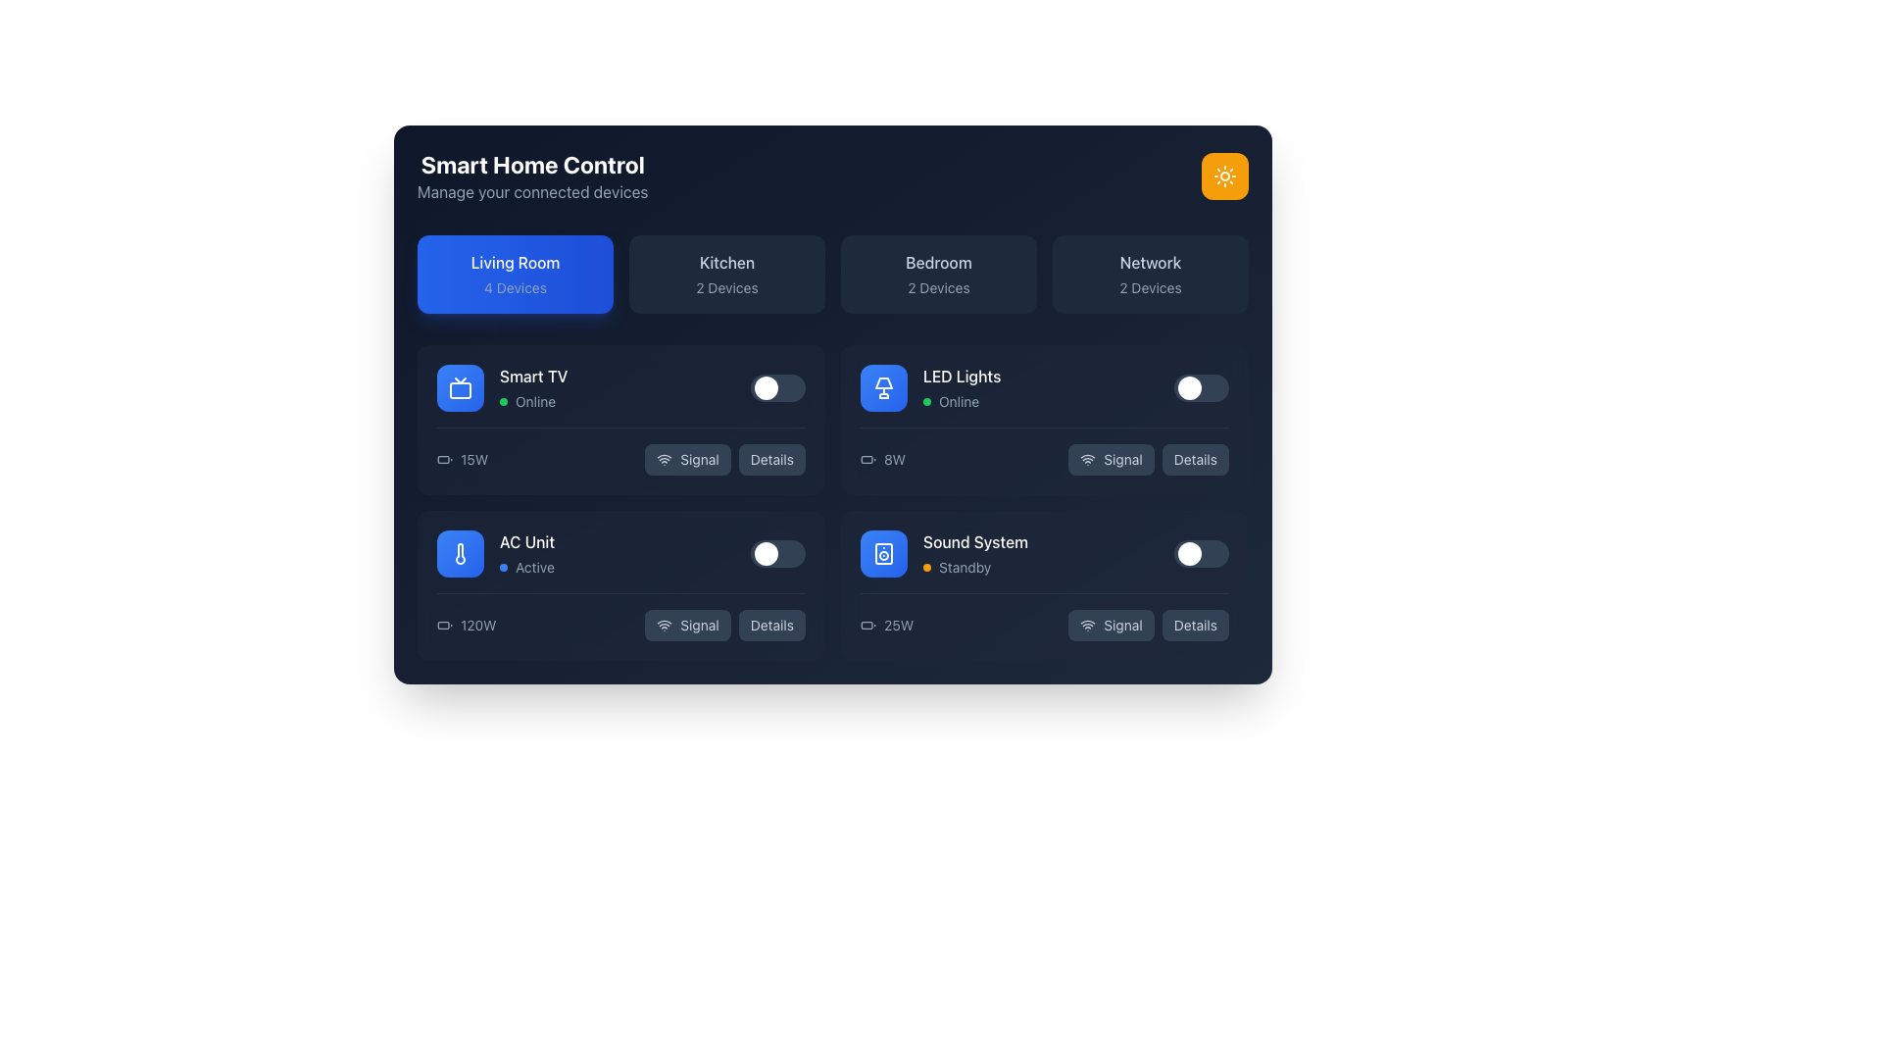 This screenshot has height=1059, width=1882. I want to click on the 'Details' button, which is a slate blue rounded rectangle with light gray text located to the right of the 'Signal' button in the AC Unit subpanel, so click(770, 625).